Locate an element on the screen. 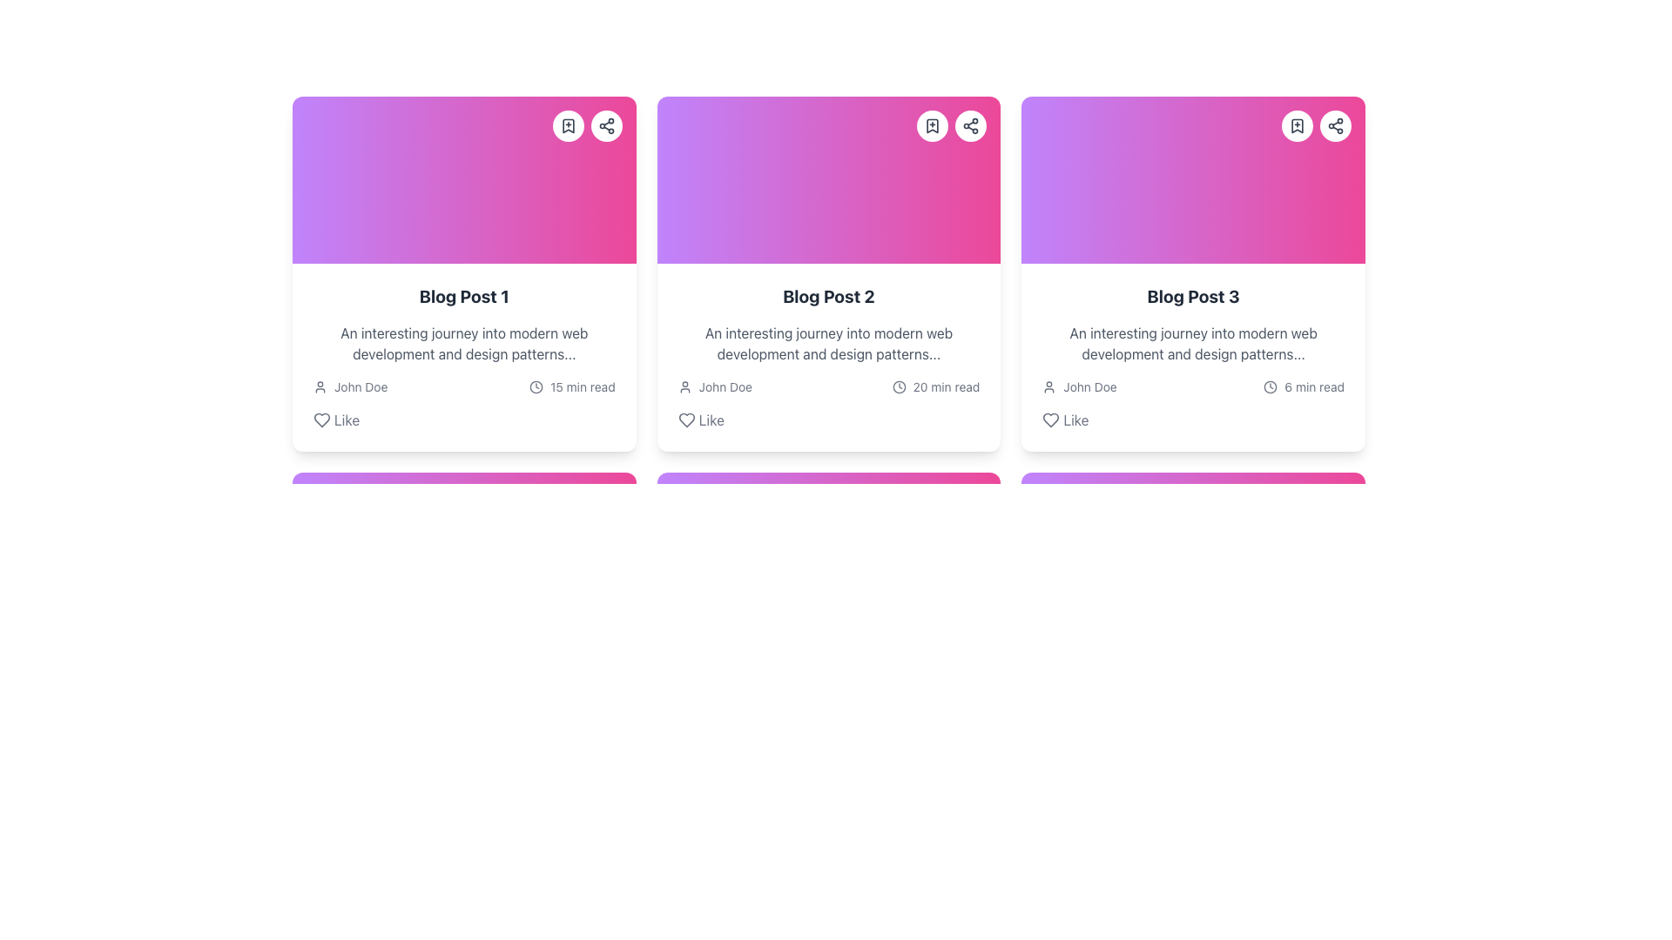  the share button located in the top-right corner of the second card is located at coordinates (970, 125).